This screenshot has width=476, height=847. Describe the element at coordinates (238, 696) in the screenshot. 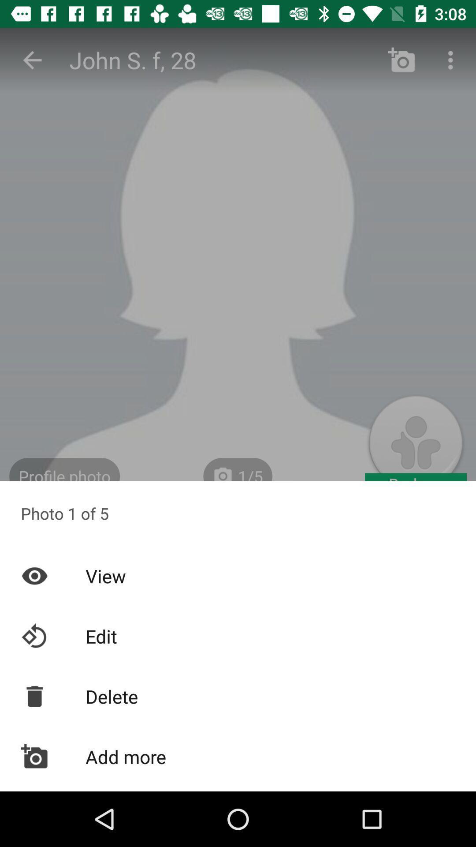

I see `icon below edit icon` at that location.